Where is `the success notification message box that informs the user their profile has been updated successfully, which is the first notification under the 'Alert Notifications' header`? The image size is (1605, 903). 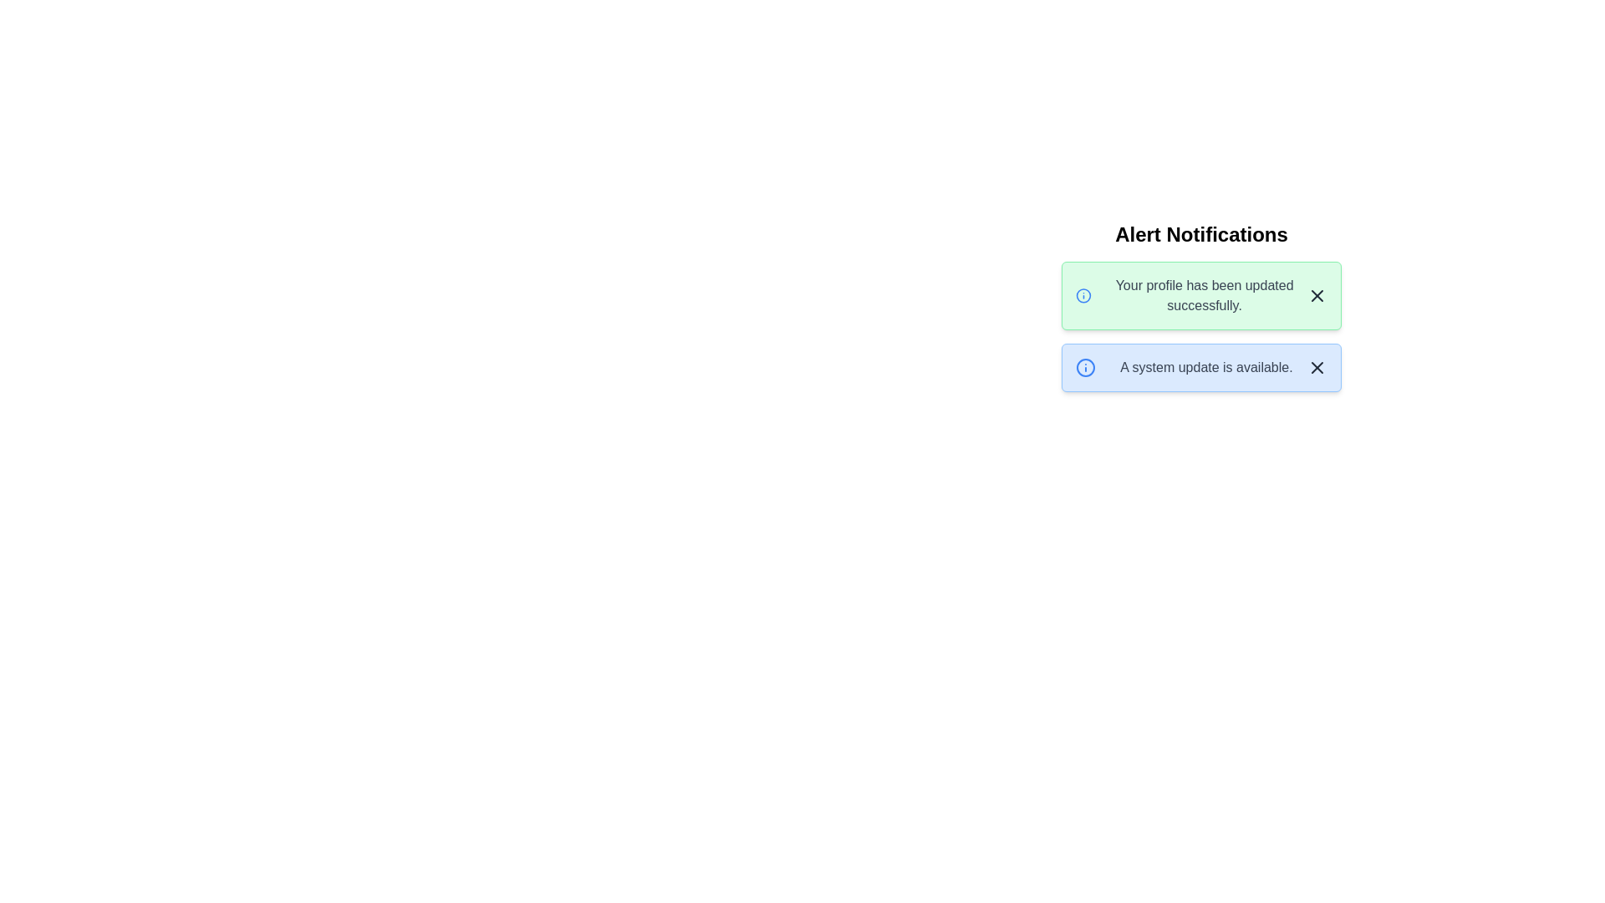
the success notification message box that informs the user their profile has been updated successfully, which is the first notification under the 'Alert Notifications' header is located at coordinates (1200, 306).